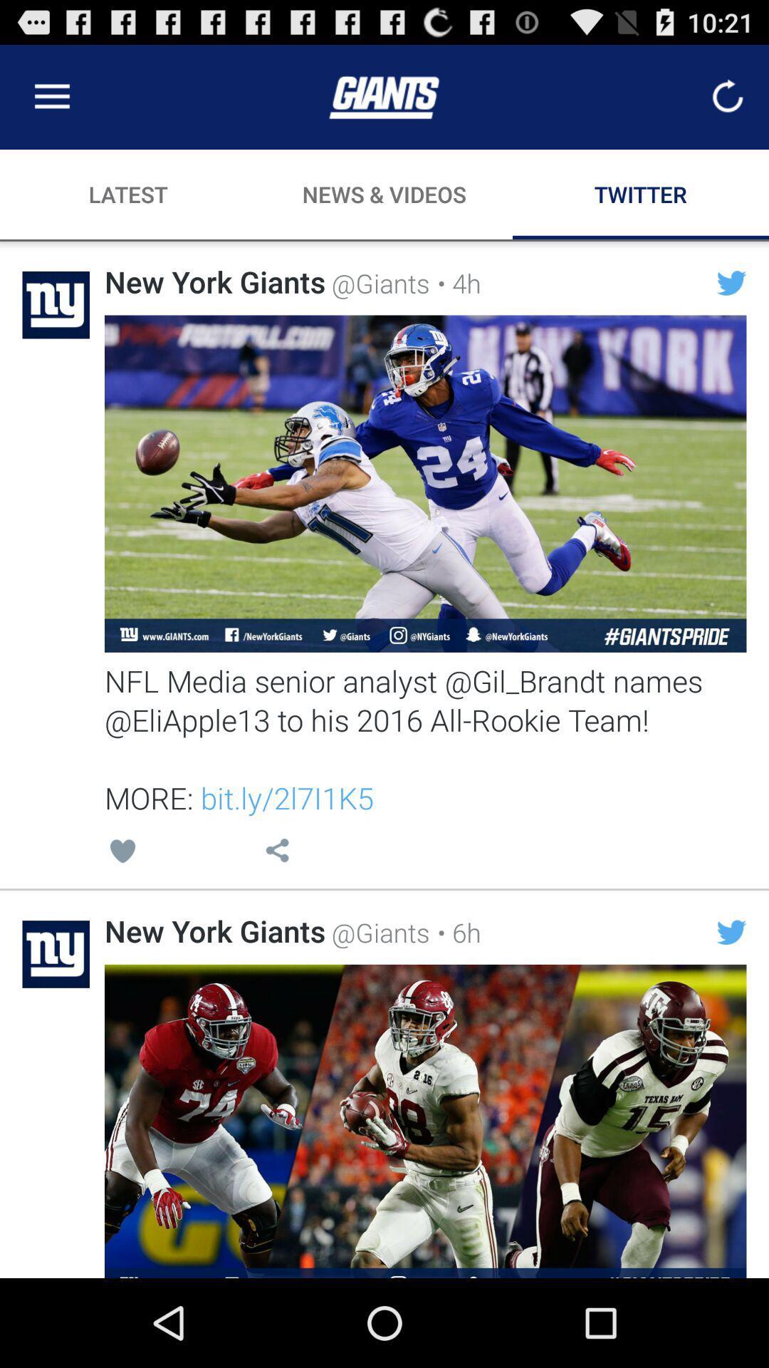 The height and width of the screenshot is (1368, 769). What do you see at coordinates (122, 853) in the screenshot?
I see `item above new york giants item` at bounding box center [122, 853].